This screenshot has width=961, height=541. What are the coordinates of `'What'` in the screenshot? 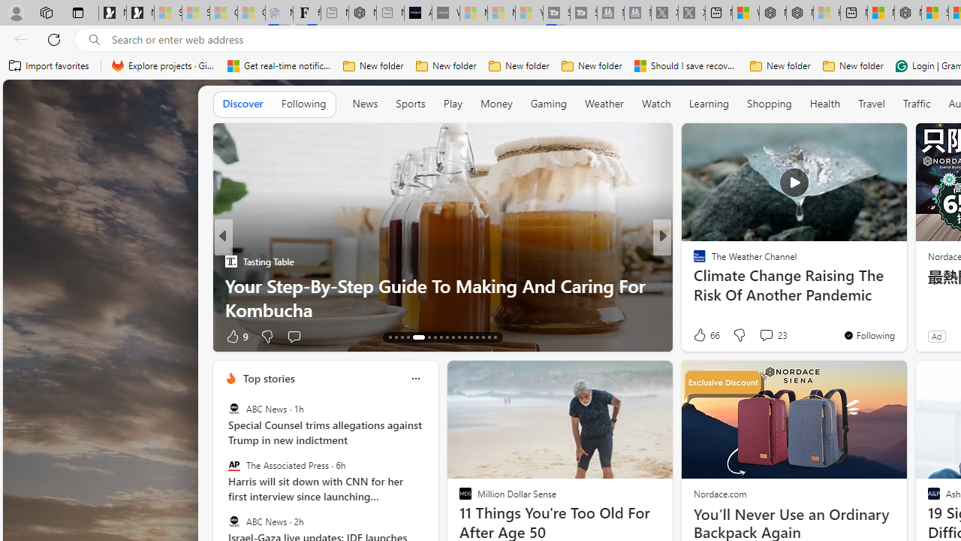 It's located at (444, 13).